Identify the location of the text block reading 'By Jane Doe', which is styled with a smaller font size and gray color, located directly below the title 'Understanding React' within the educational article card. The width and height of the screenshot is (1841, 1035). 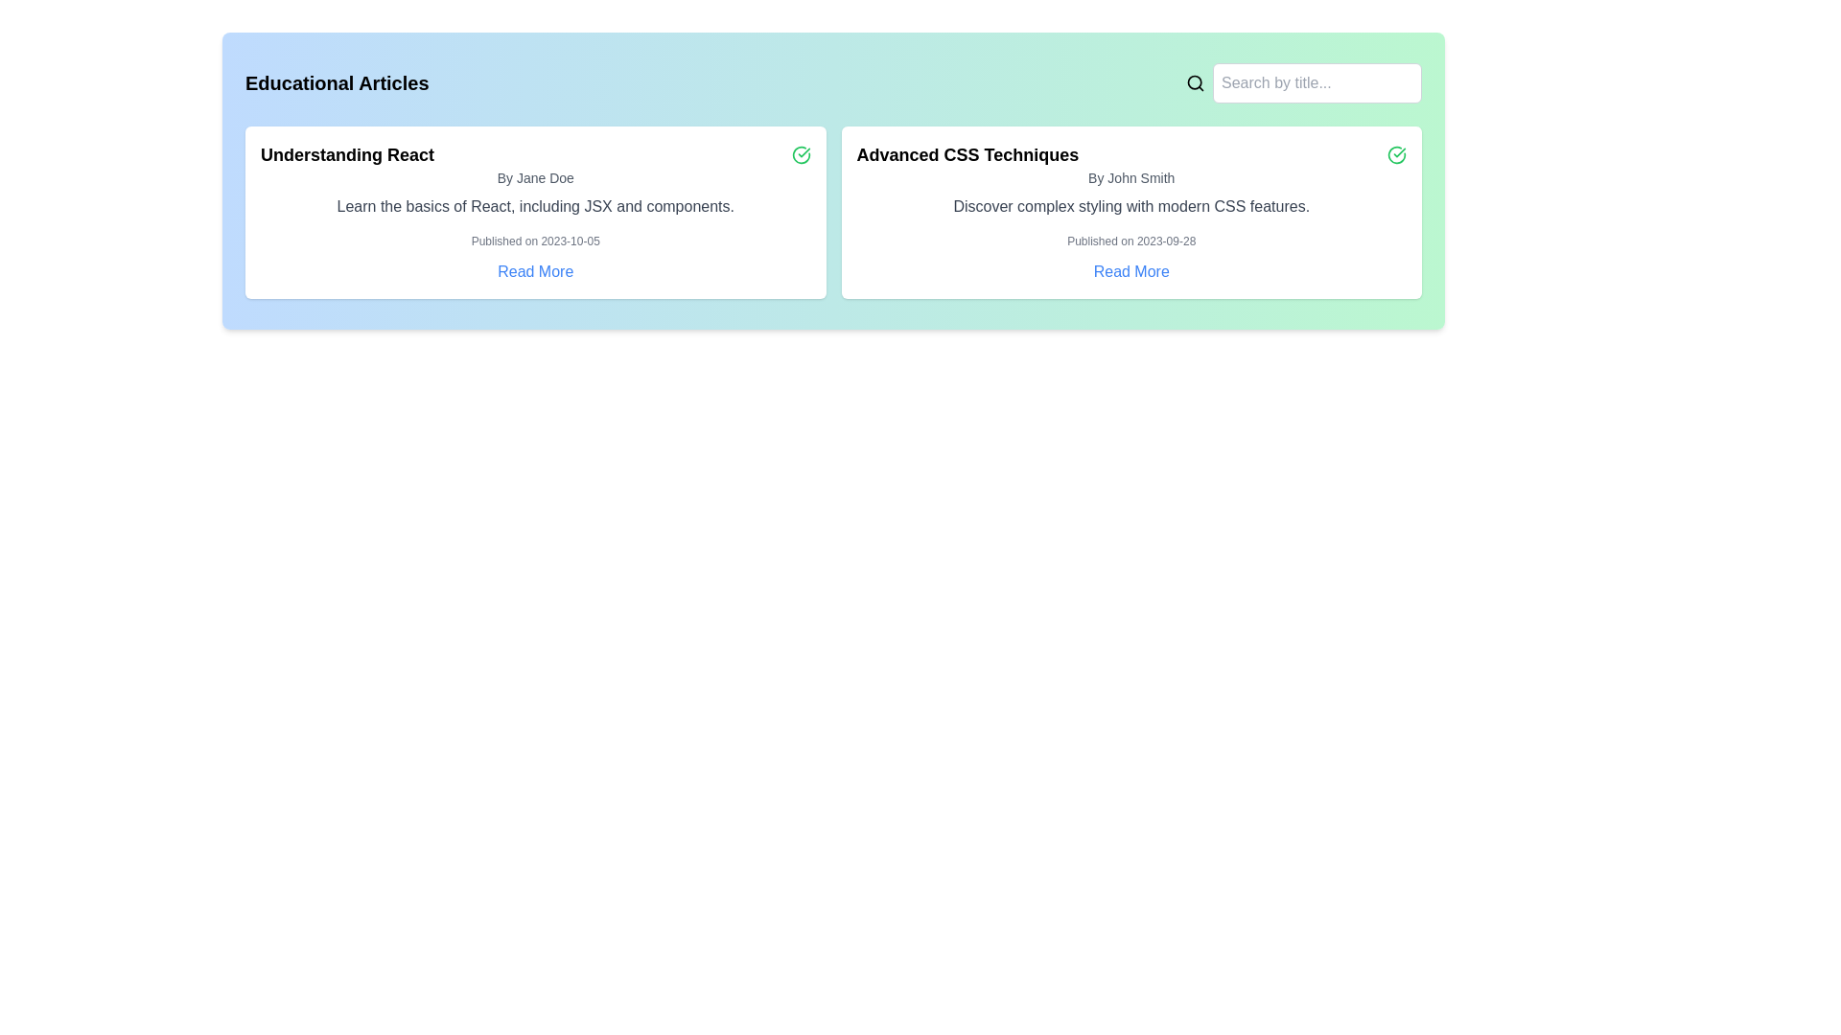
(535, 177).